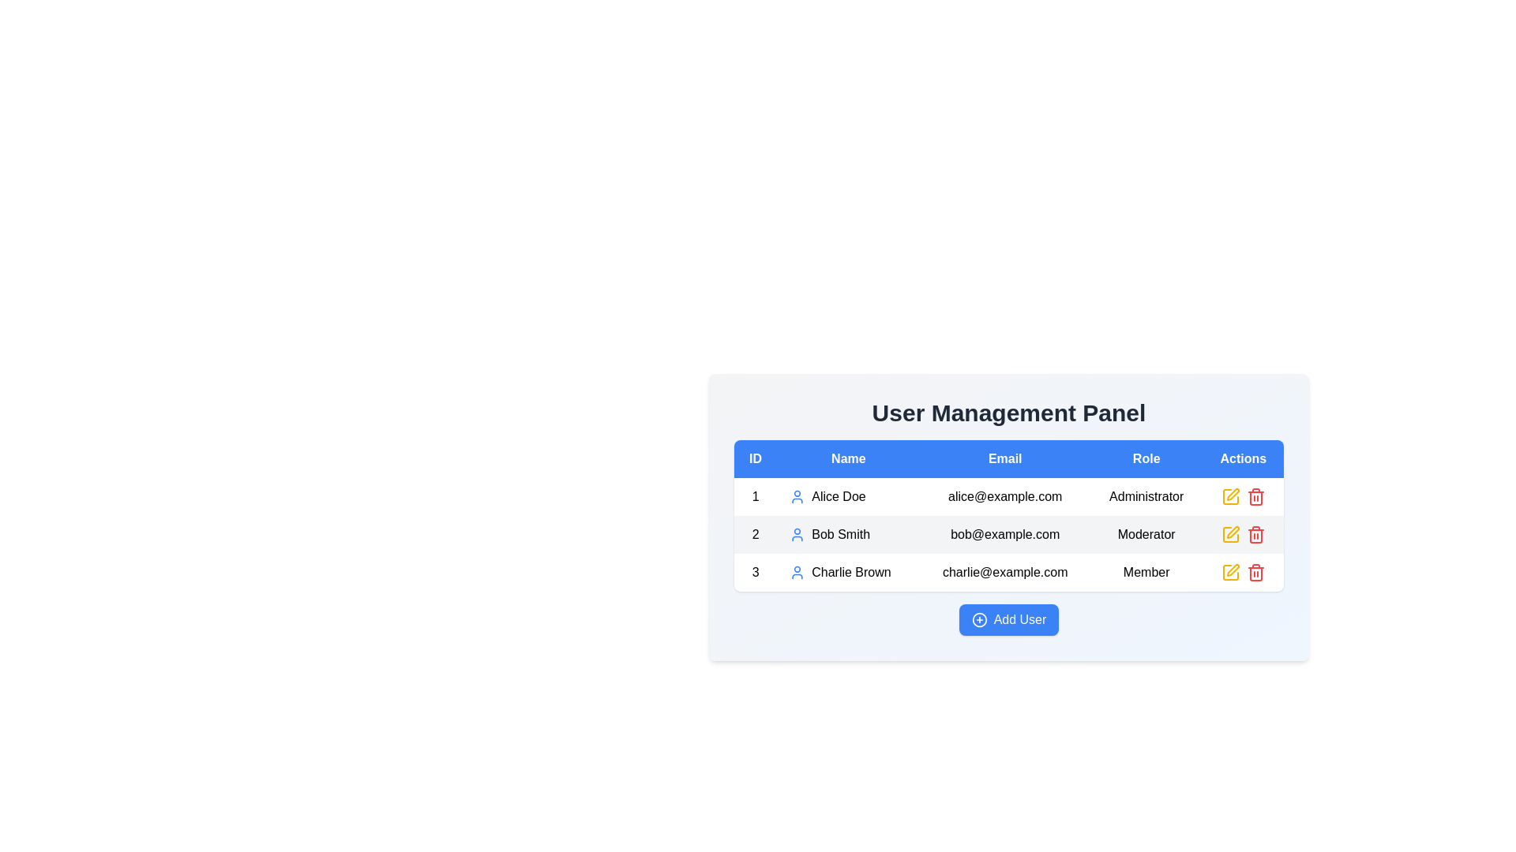 This screenshot has width=1516, height=852. I want to click on the blue circular shape that is part of the 'Add User' button decoration in the user management interface, so click(978, 619).